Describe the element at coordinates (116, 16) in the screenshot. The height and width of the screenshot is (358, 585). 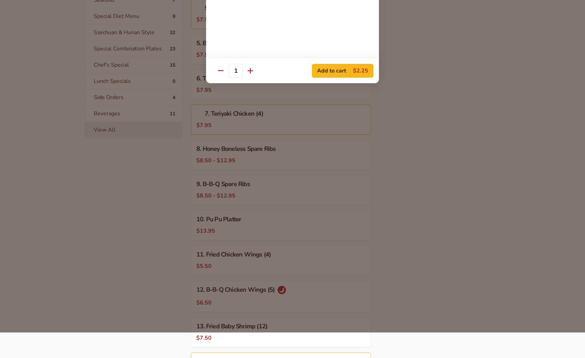
I see `'Special Diet Menu'` at that location.